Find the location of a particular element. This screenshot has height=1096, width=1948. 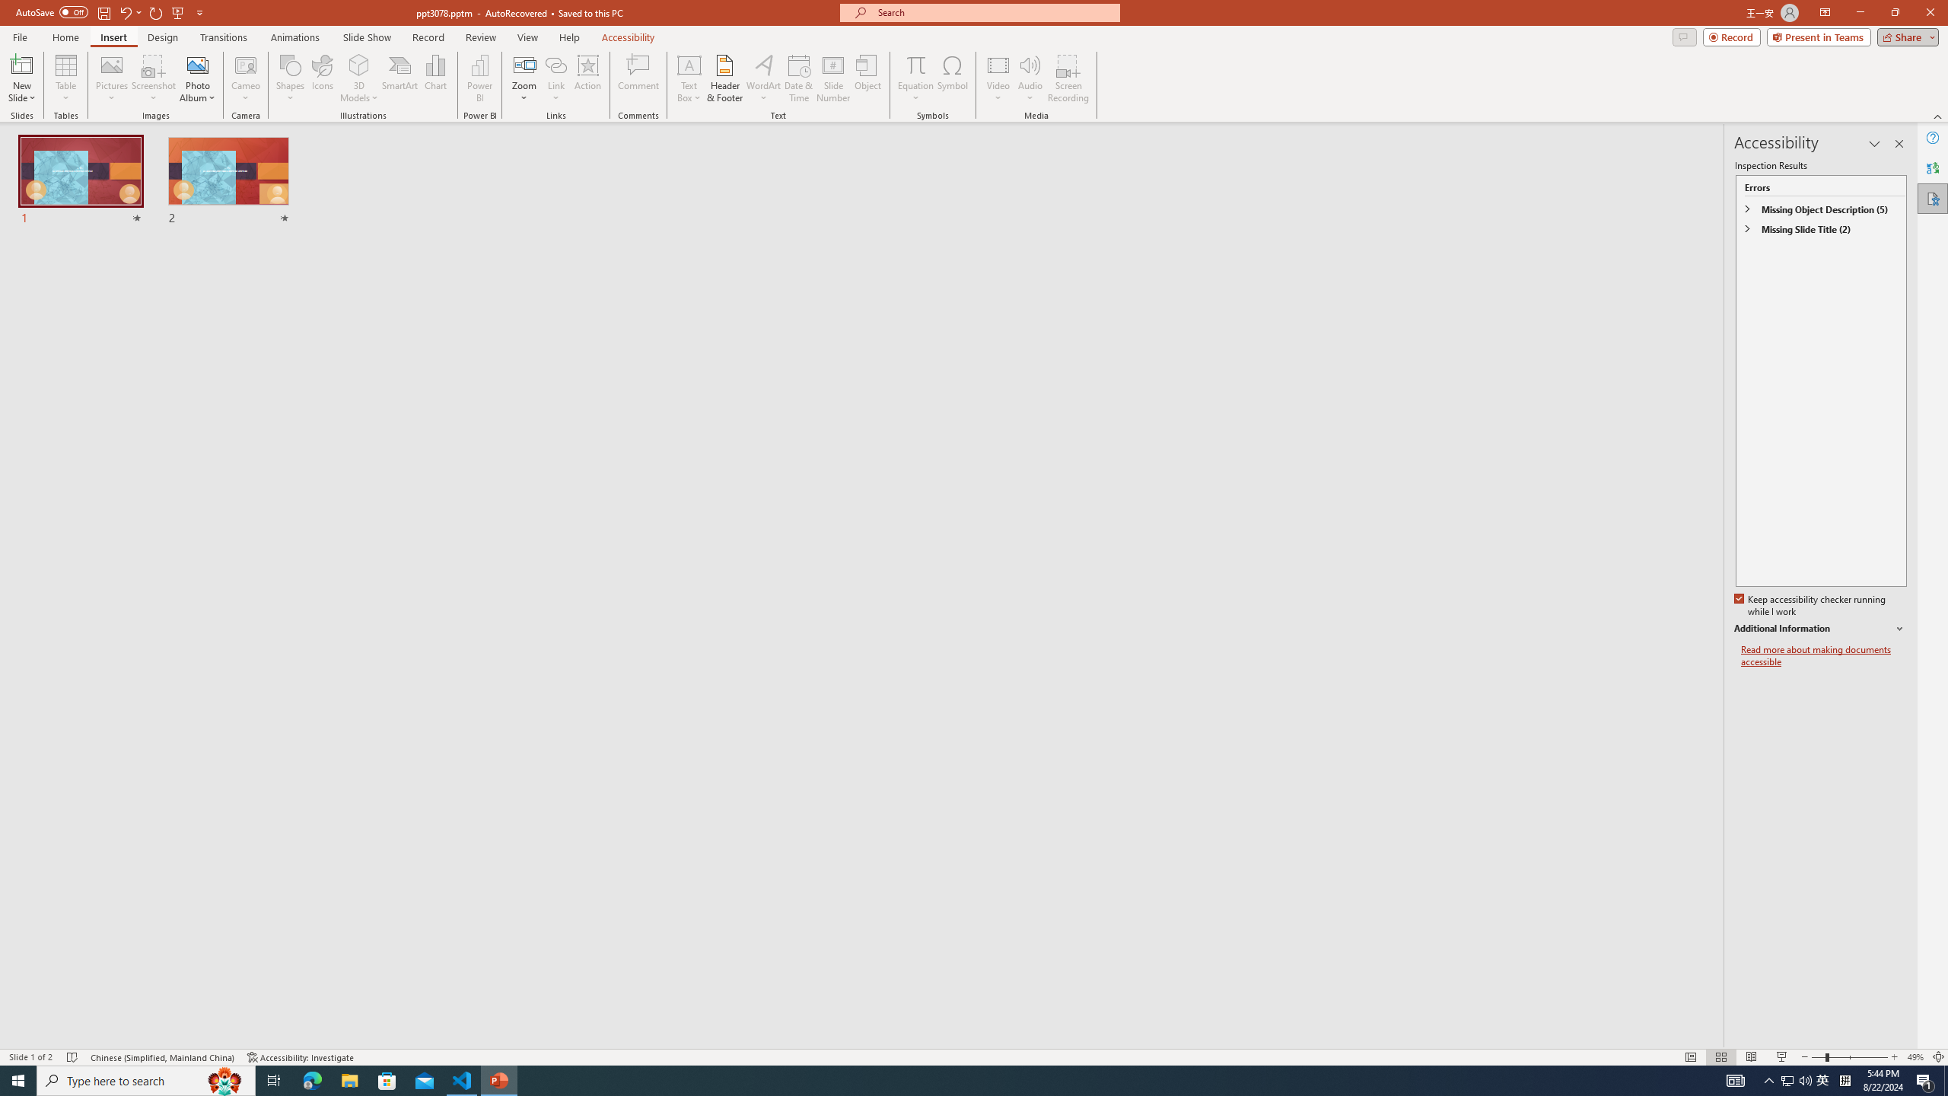

'Power BI' is located at coordinates (480, 78).